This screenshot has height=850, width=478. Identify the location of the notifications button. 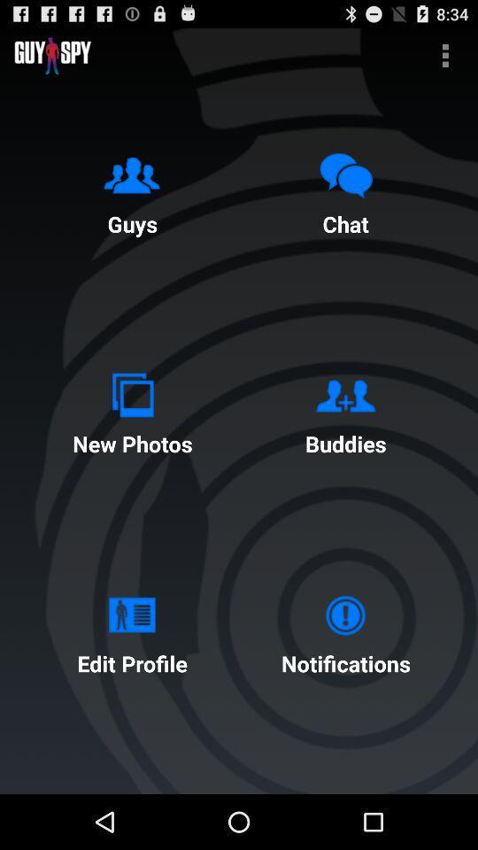
(345, 630).